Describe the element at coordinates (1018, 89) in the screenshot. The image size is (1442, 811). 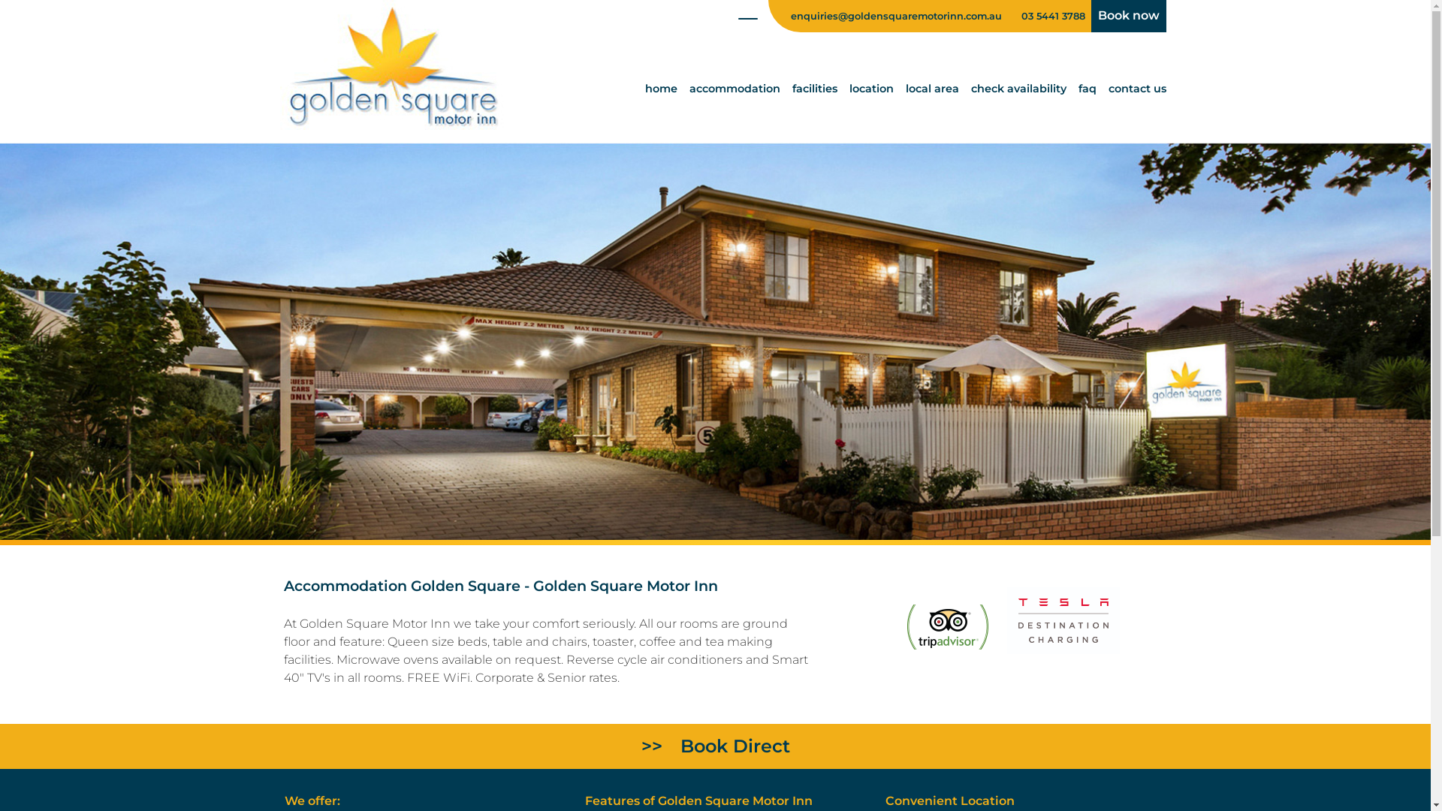
I see `'check availability'` at that location.